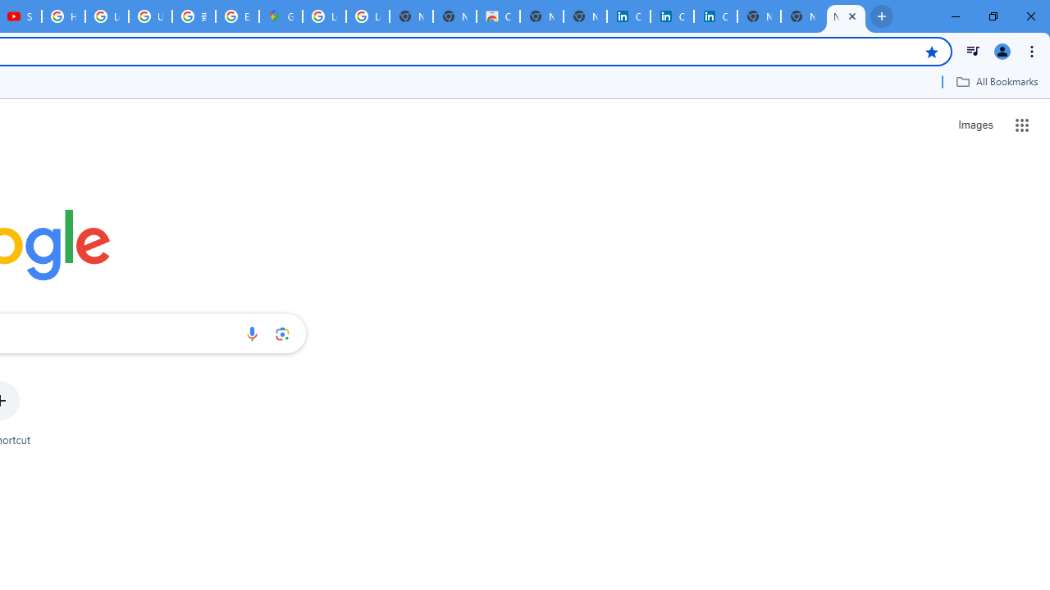  Describe the element at coordinates (628, 16) in the screenshot. I see `'Cookie Policy | LinkedIn'` at that location.